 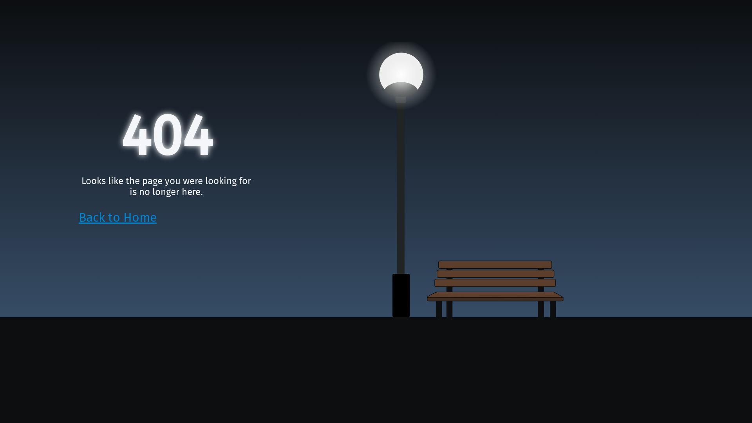 I want to click on 'Back to Home', so click(x=117, y=217).